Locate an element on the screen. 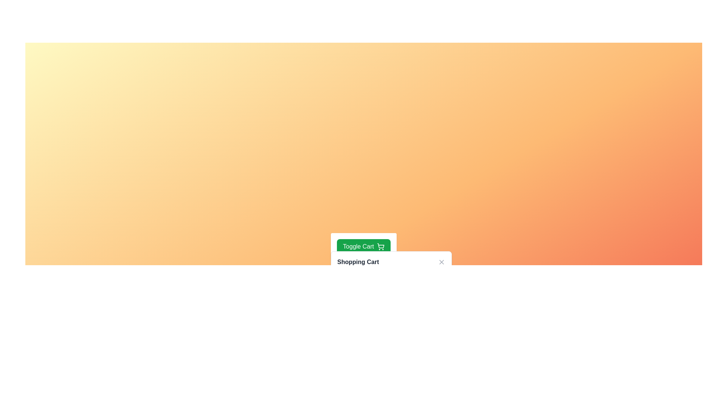  the static text label displaying 'Shopping Cart', which is styled in bold dark gray and serves as a header within a horizontal bar is located at coordinates (358, 262).